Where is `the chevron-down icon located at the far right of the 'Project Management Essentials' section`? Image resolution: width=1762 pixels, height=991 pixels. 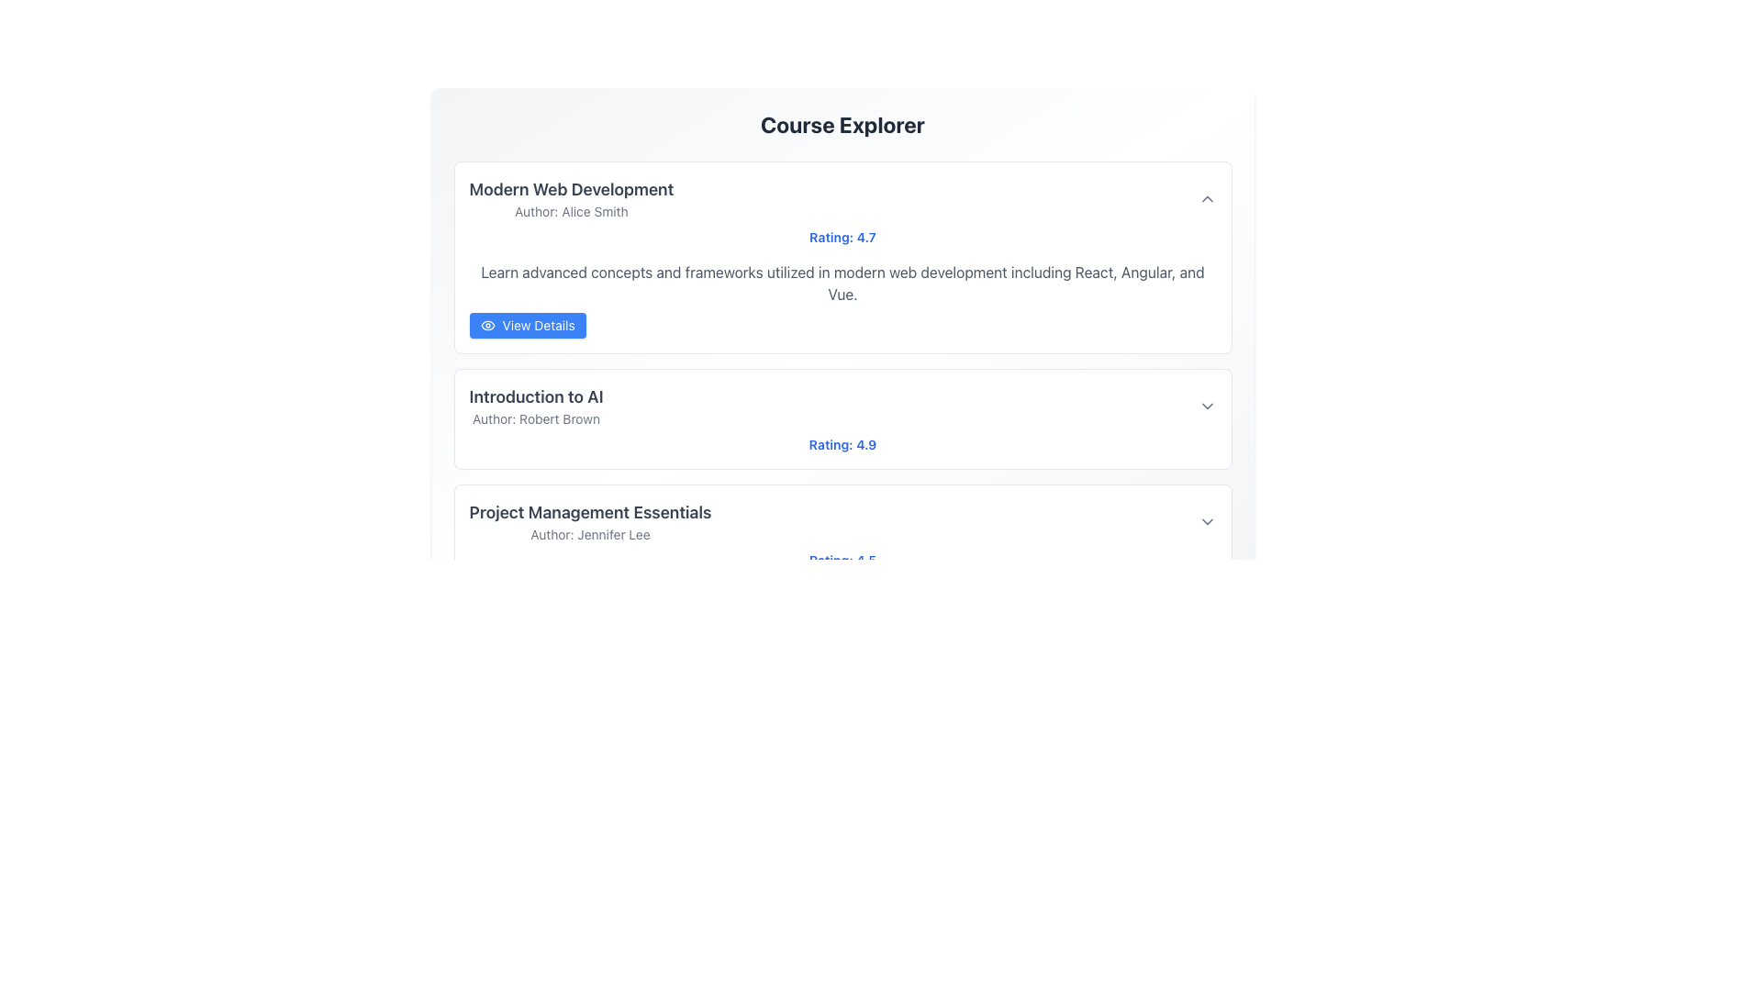
the chevron-down icon located at the far right of the 'Project Management Essentials' section is located at coordinates (1207, 522).